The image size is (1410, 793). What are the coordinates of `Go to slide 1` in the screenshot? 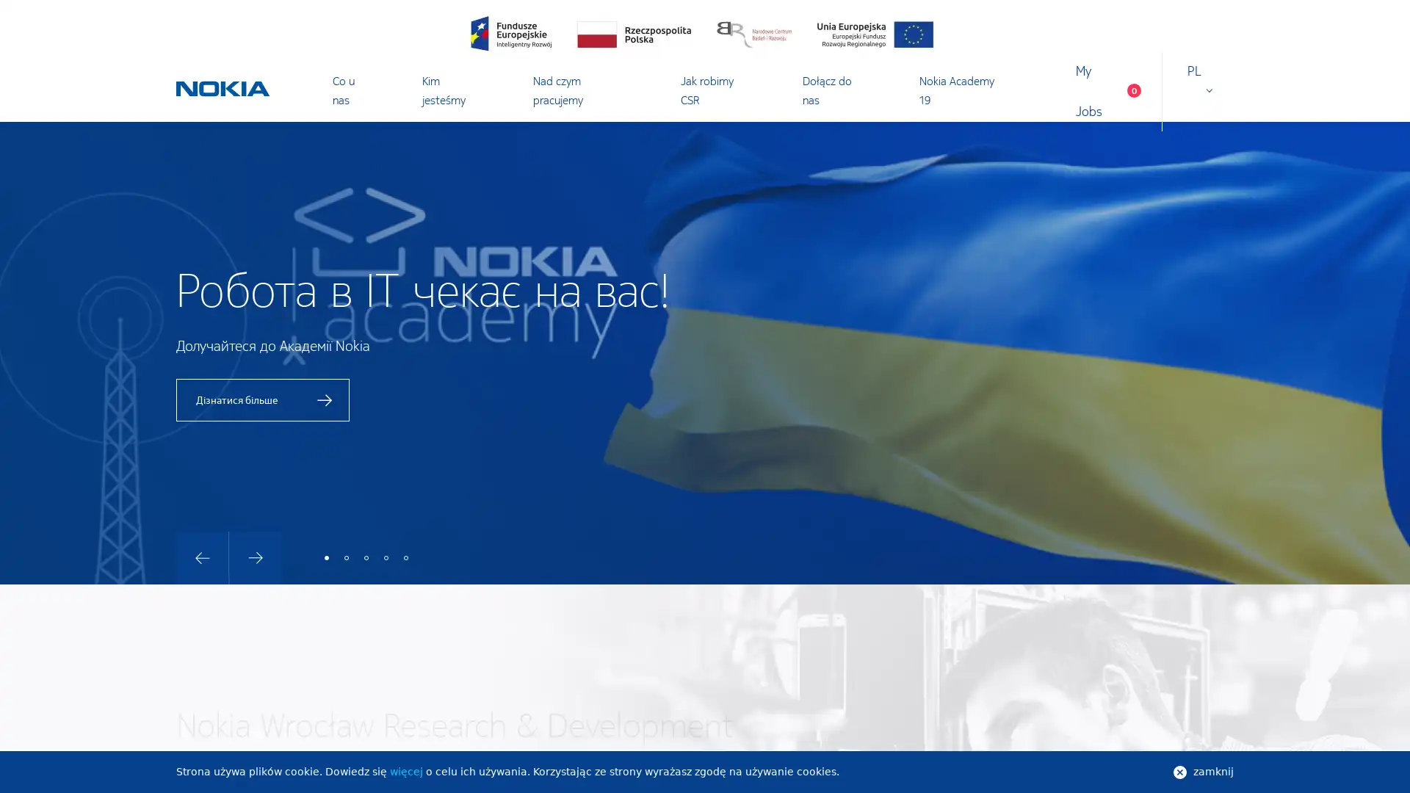 It's located at (326, 557).